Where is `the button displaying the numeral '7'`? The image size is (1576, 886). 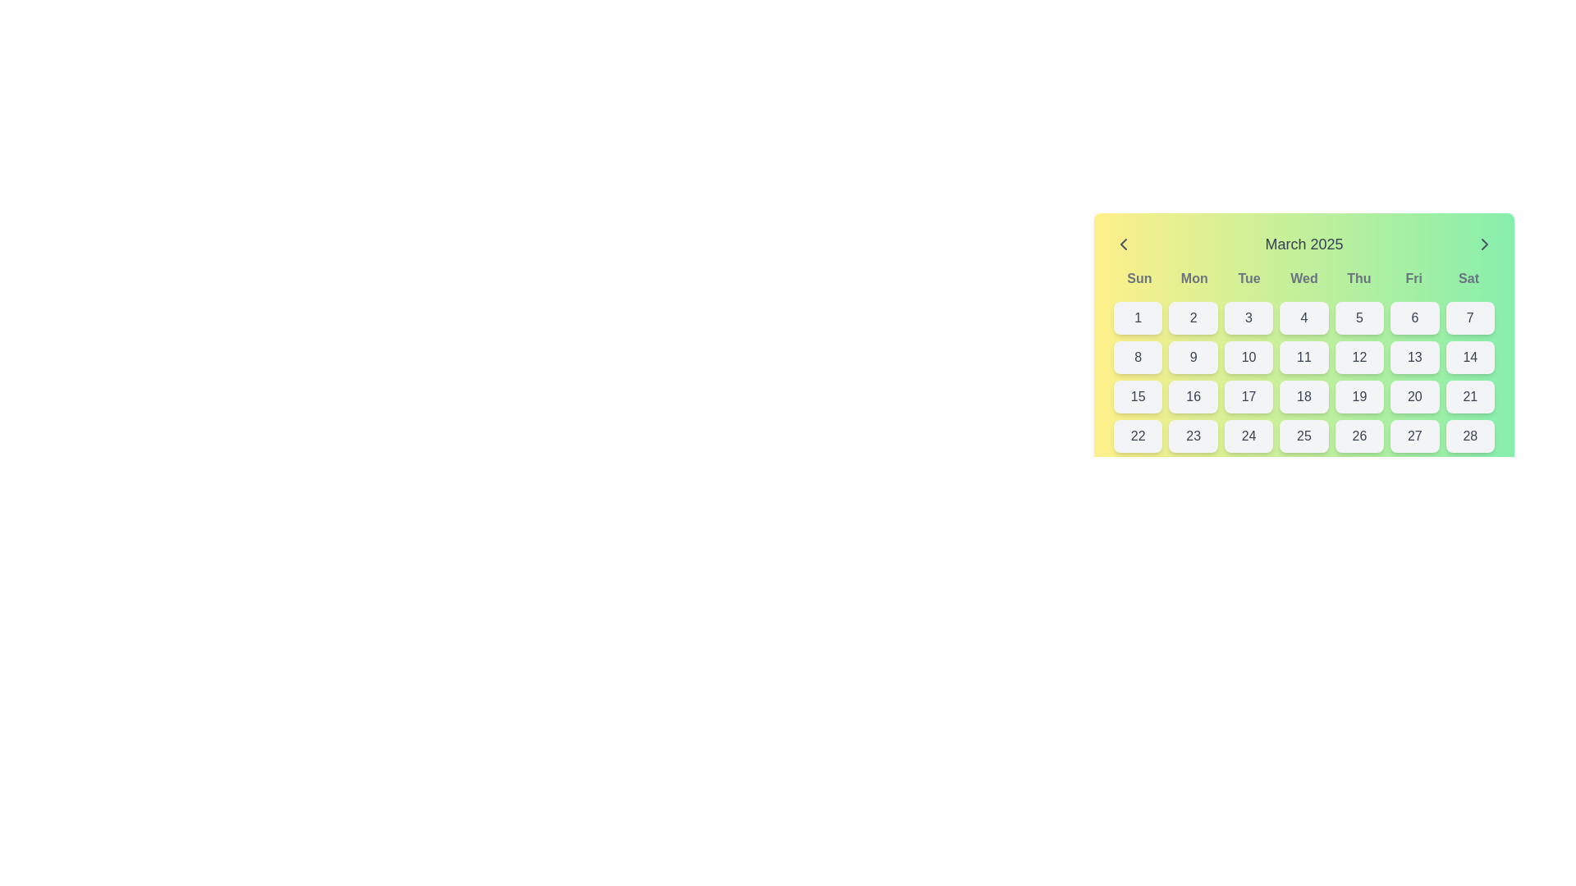 the button displaying the numeral '7' is located at coordinates (1470, 318).